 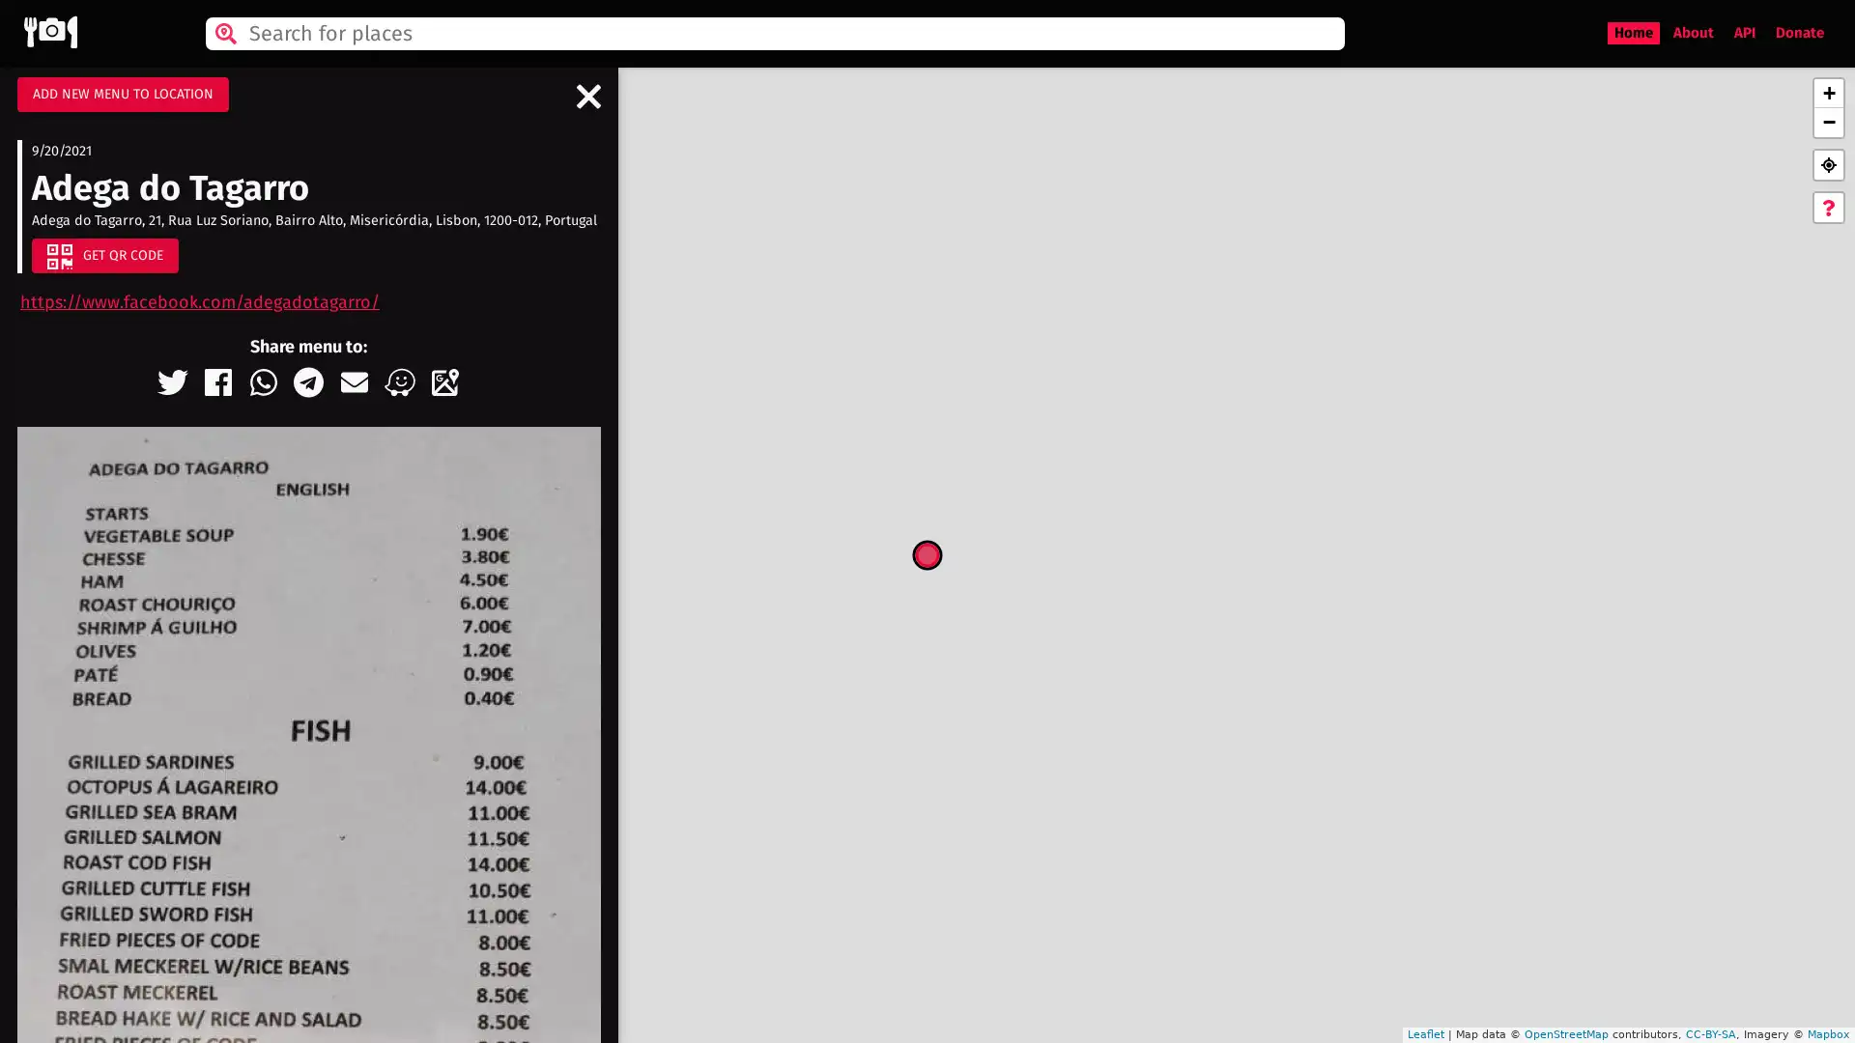 What do you see at coordinates (122, 94) in the screenshot?
I see `ADD NEW MENU TO LOCATION` at bounding box center [122, 94].